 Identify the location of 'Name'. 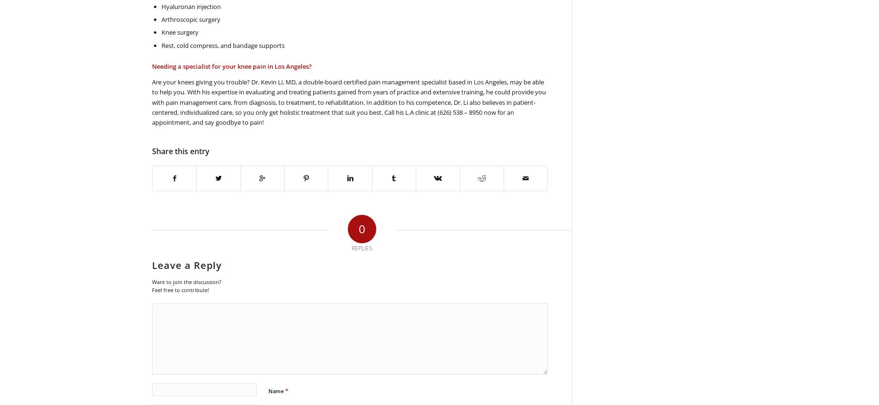
(277, 391).